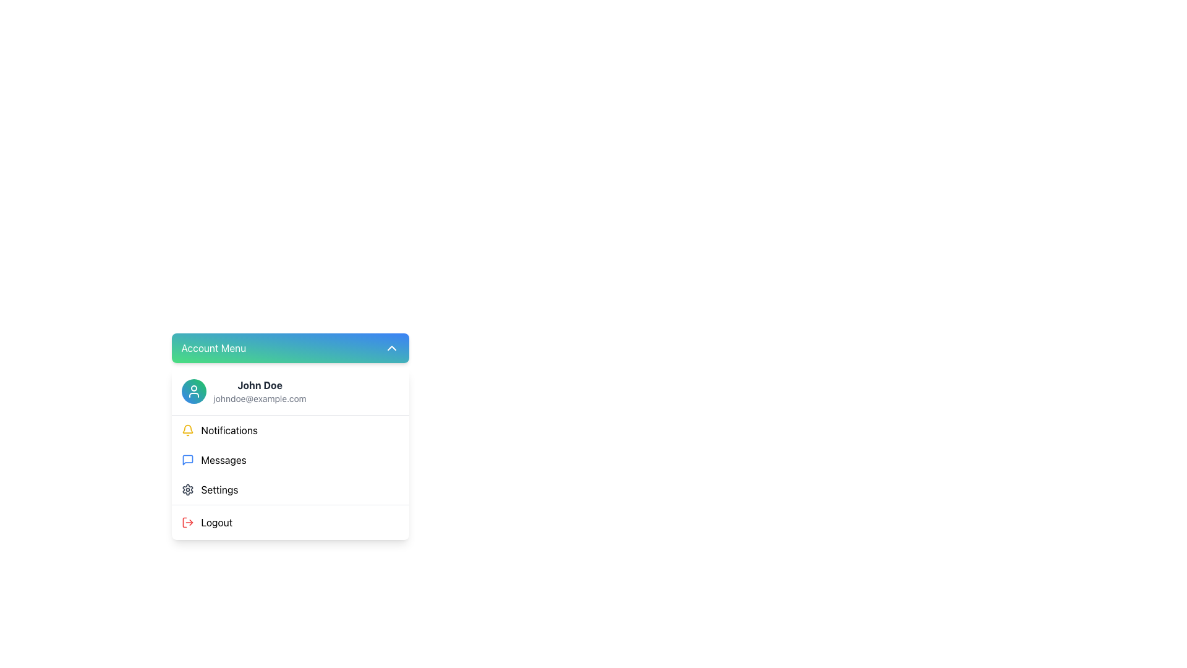 This screenshot has height=668, width=1187. Describe the element at coordinates (289, 391) in the screenshot. I see `the User profile summary section that contains the circular profile picture, user name 'John Doe', and email 'johndoe@example.com'` at that location.